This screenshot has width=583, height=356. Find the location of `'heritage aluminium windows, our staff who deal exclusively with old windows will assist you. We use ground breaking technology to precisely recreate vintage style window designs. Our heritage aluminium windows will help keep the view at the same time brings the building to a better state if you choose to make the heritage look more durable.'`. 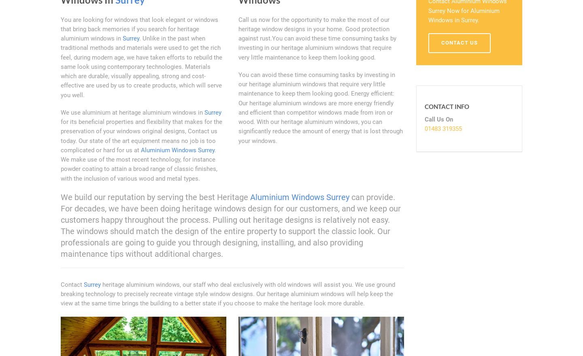

'heritage aluminium windows, our staff who deal exclusively with old windows will assist you. We use ground breaking technology to precisely recreate vintage style window designs. Our heritage aluminium windows will help keep the view at the same time brings the building to a better state if you choose to make the heritage look more durable.' is located at coordinates (228, 293).